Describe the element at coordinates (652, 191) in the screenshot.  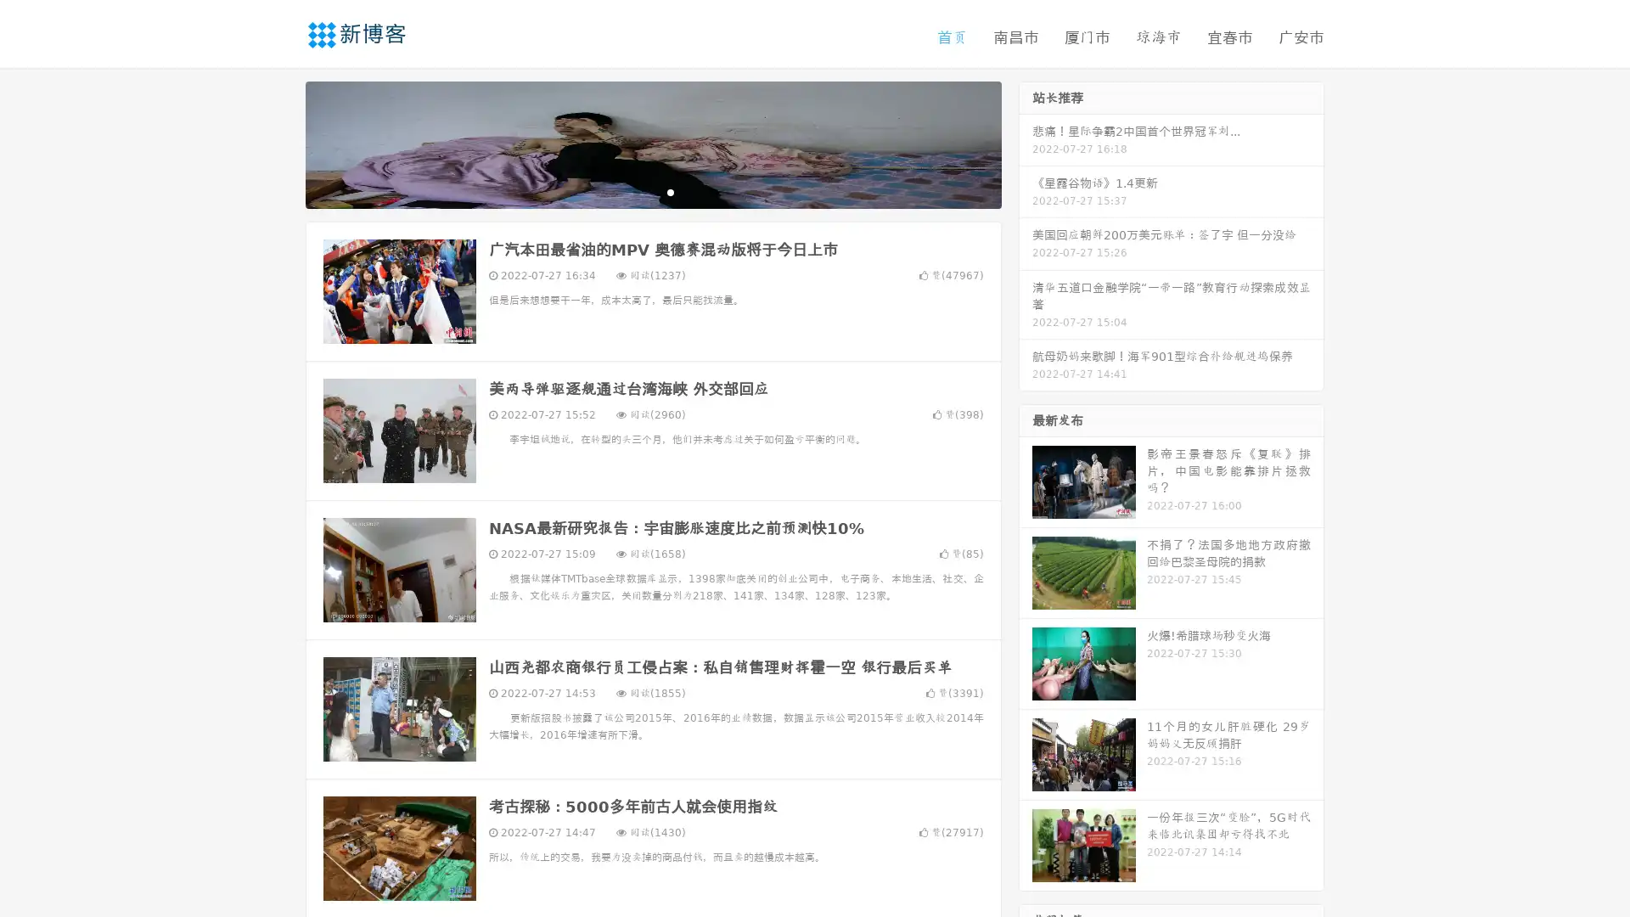
I see `Go to slide 2` at that location.